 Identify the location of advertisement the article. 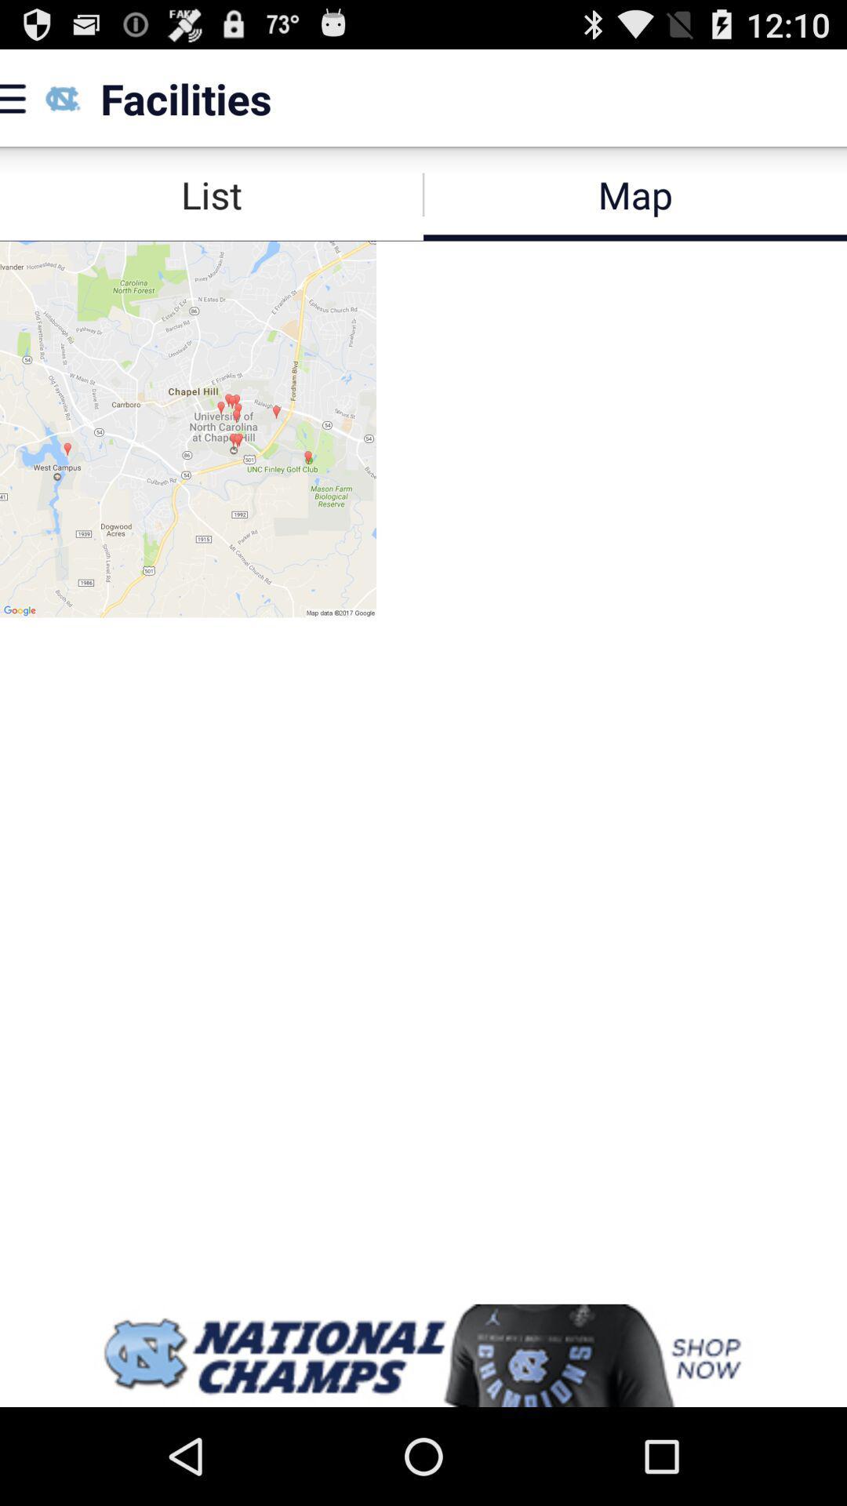
(423, 1355).